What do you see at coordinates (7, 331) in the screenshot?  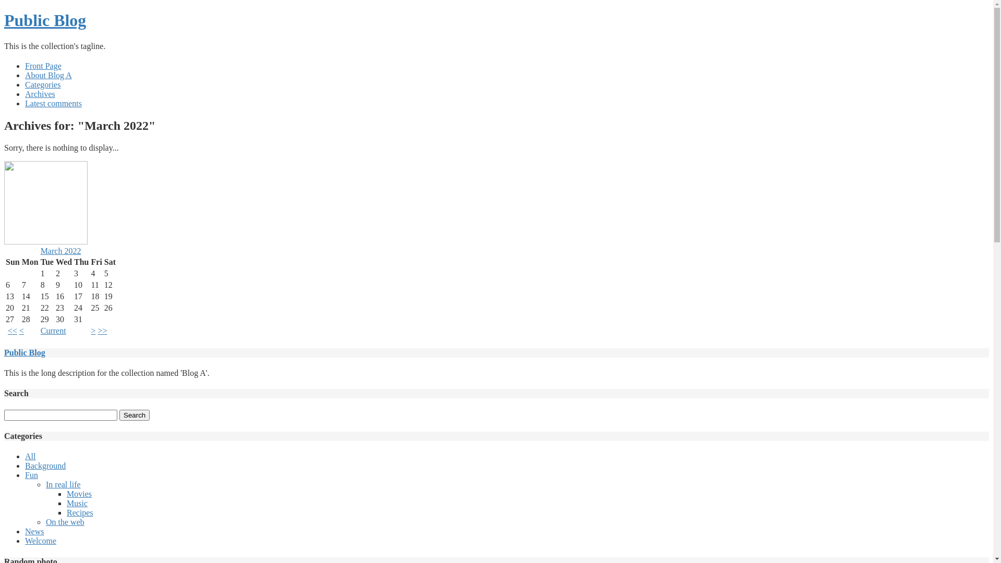 I see `'<<'` at bounding box center [7, 331].